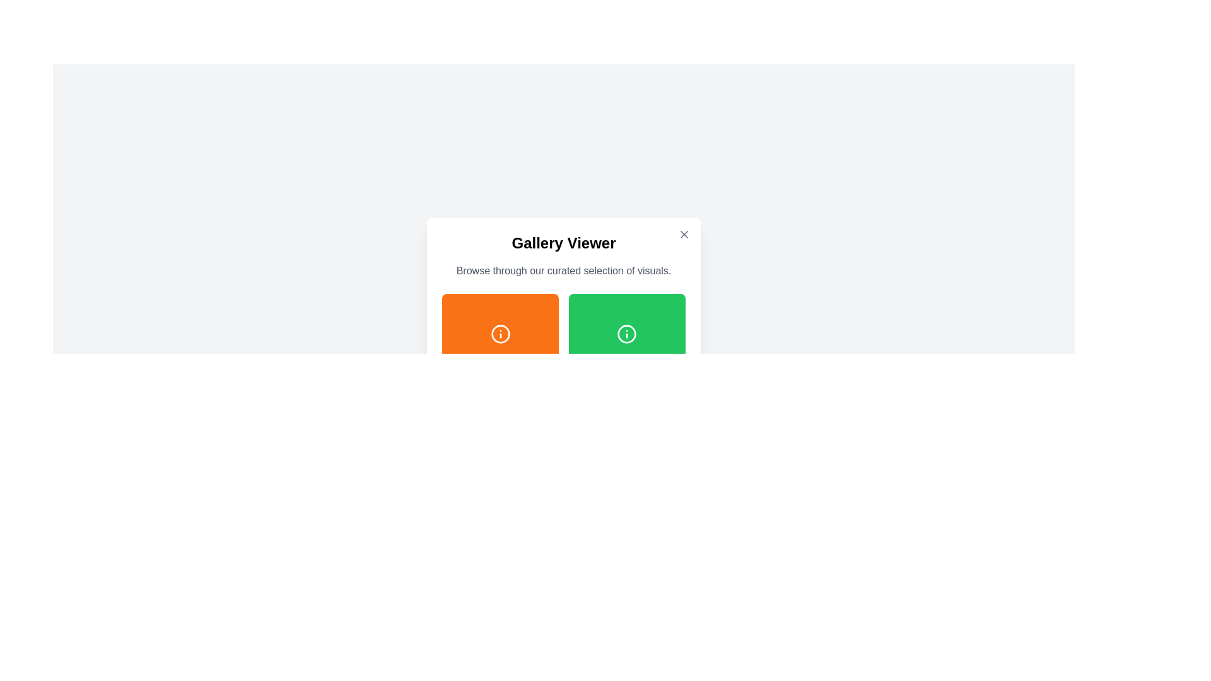 The height and width of the screenshot is (681, 1211). Describe the element at coordinates (683, 234) in the screenshot. I see `the 'X' shaped close button icon located in the upper-right corner of the 'Gallery Viewer' modal` at that location.